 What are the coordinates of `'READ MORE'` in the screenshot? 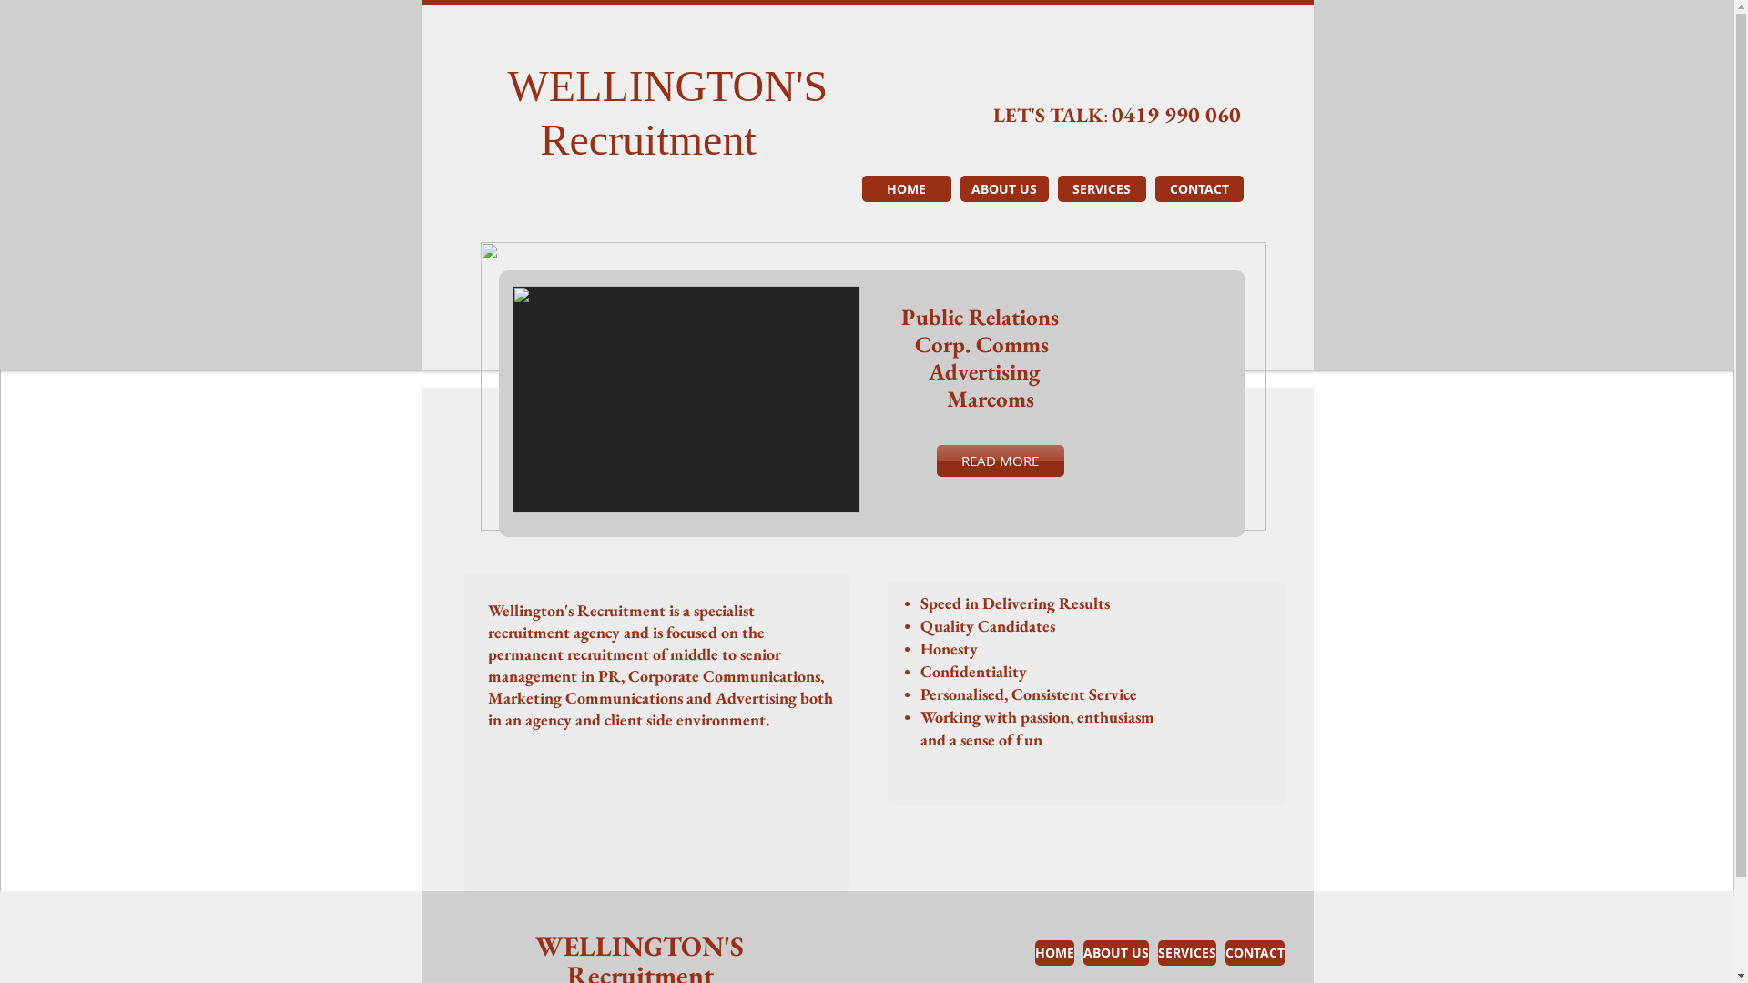 It's located at (999, 460).